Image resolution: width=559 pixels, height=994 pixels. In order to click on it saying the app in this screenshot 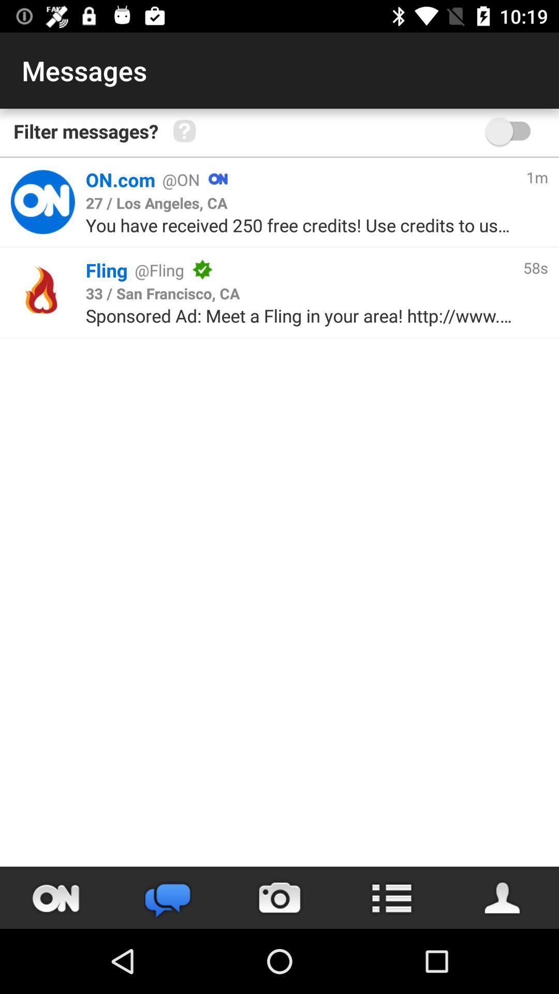, I will do `click(42, 202)`.